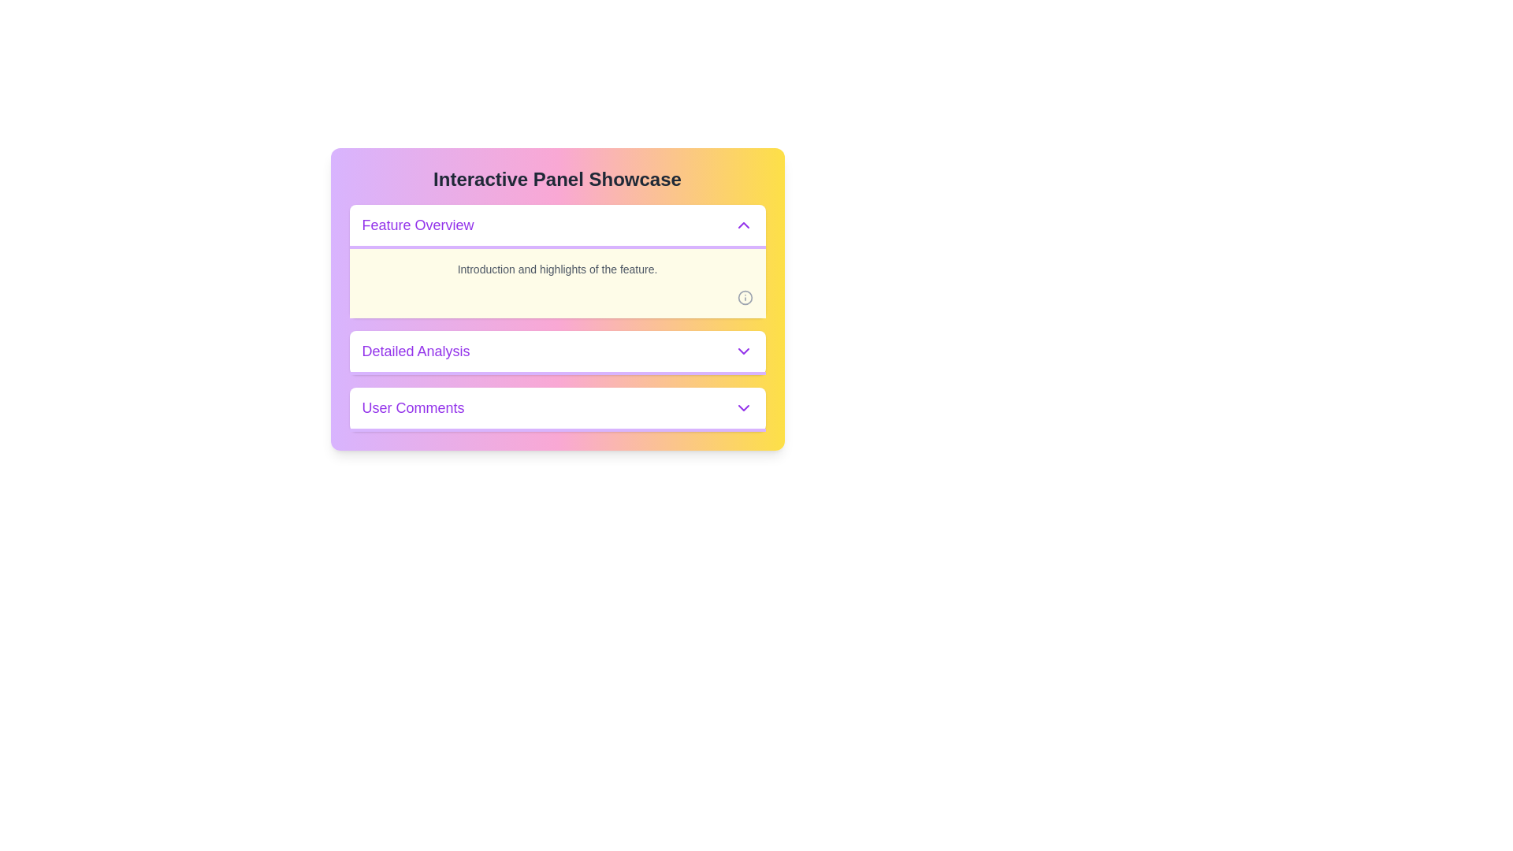  I want to click on the Label that serves as a title for a collapsible section for user comments, located in the bottom area of a vertically-stacked panel, so click(413, 407).